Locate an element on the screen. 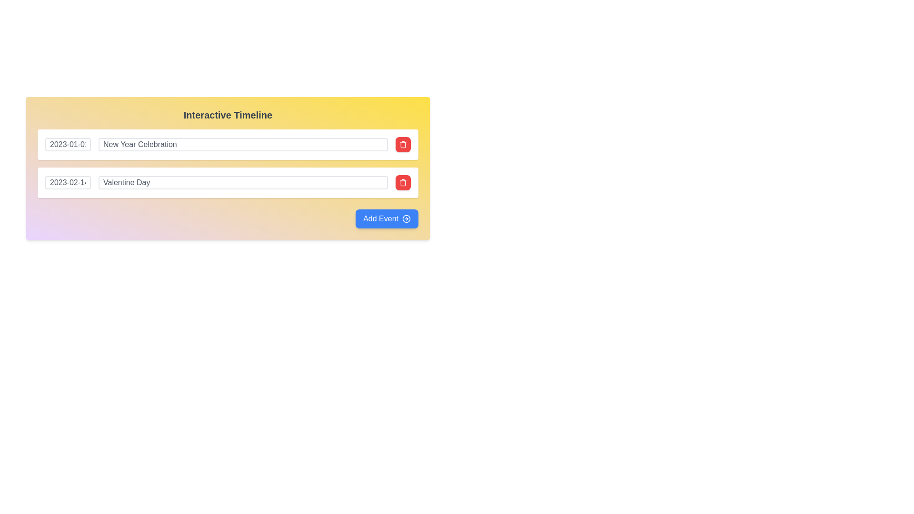 The width and height of the screenshot is (914, 514). the Decorative icon located at the right end of the 'Add Event' button, which indicates navigation or confirmation functionality is located at coordinates (407, 218).